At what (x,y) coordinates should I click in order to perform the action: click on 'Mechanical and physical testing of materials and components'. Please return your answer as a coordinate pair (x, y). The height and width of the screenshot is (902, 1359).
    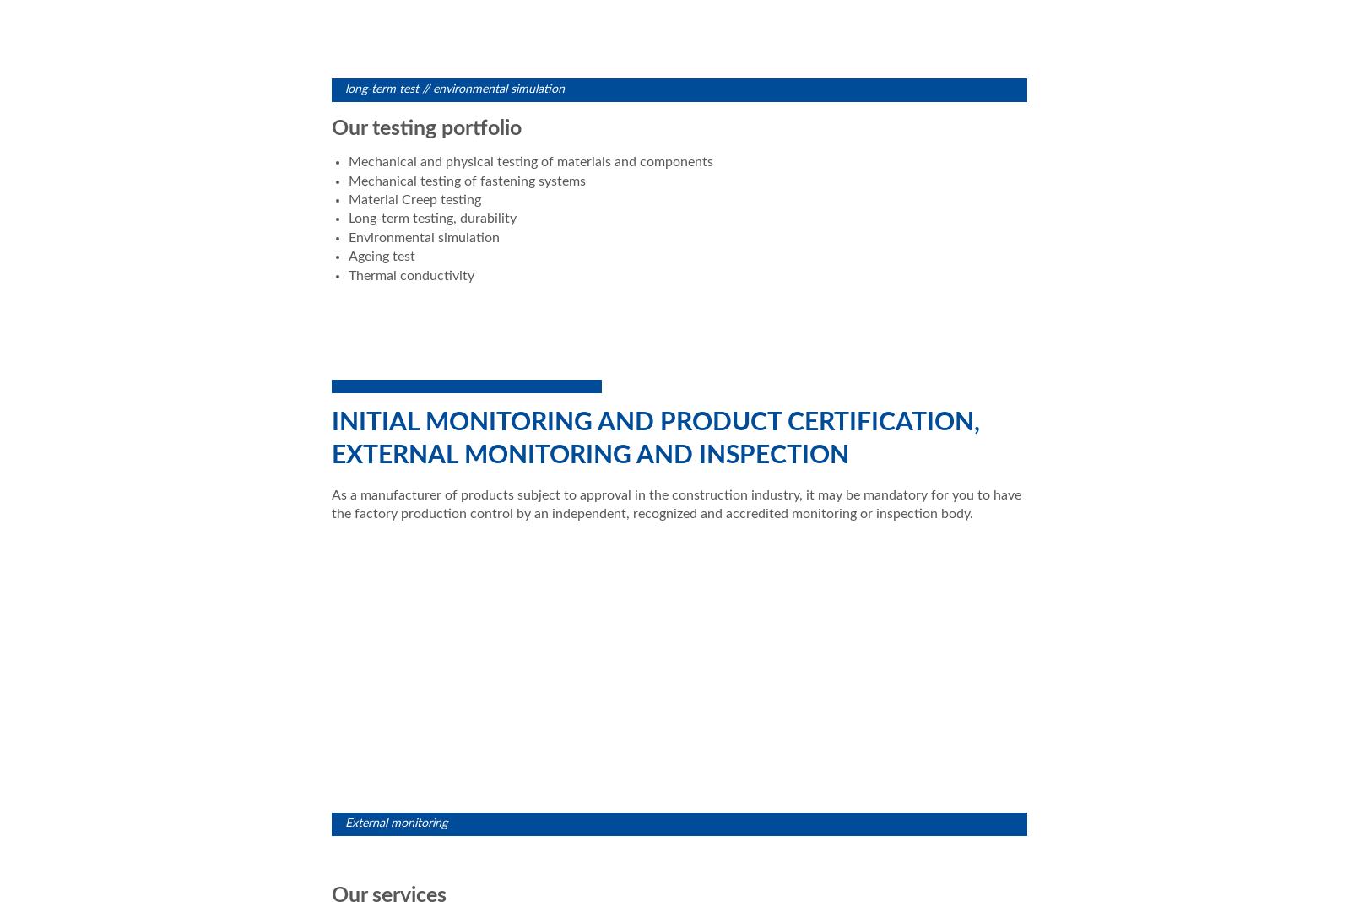
    Looking at the image, I should click on (531, 161).